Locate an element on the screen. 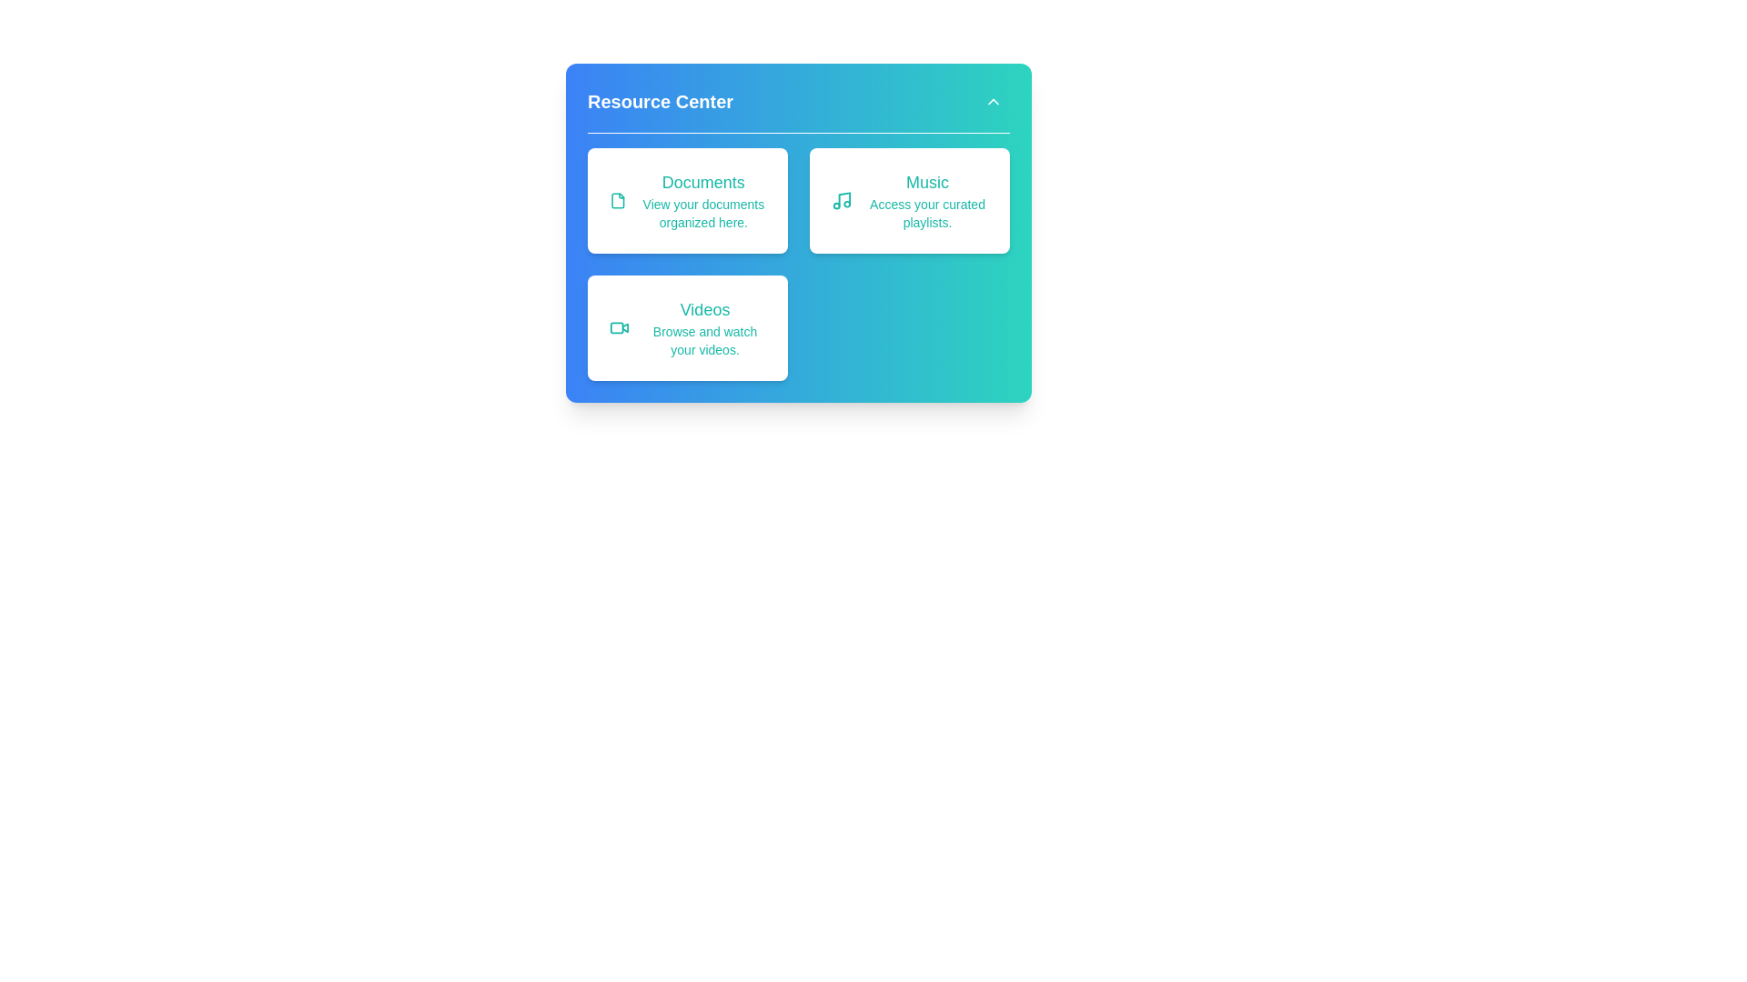 The width and height of the screenshot is (1747, 982). the menu item Music to view its details is located at coordinates (909, 200).